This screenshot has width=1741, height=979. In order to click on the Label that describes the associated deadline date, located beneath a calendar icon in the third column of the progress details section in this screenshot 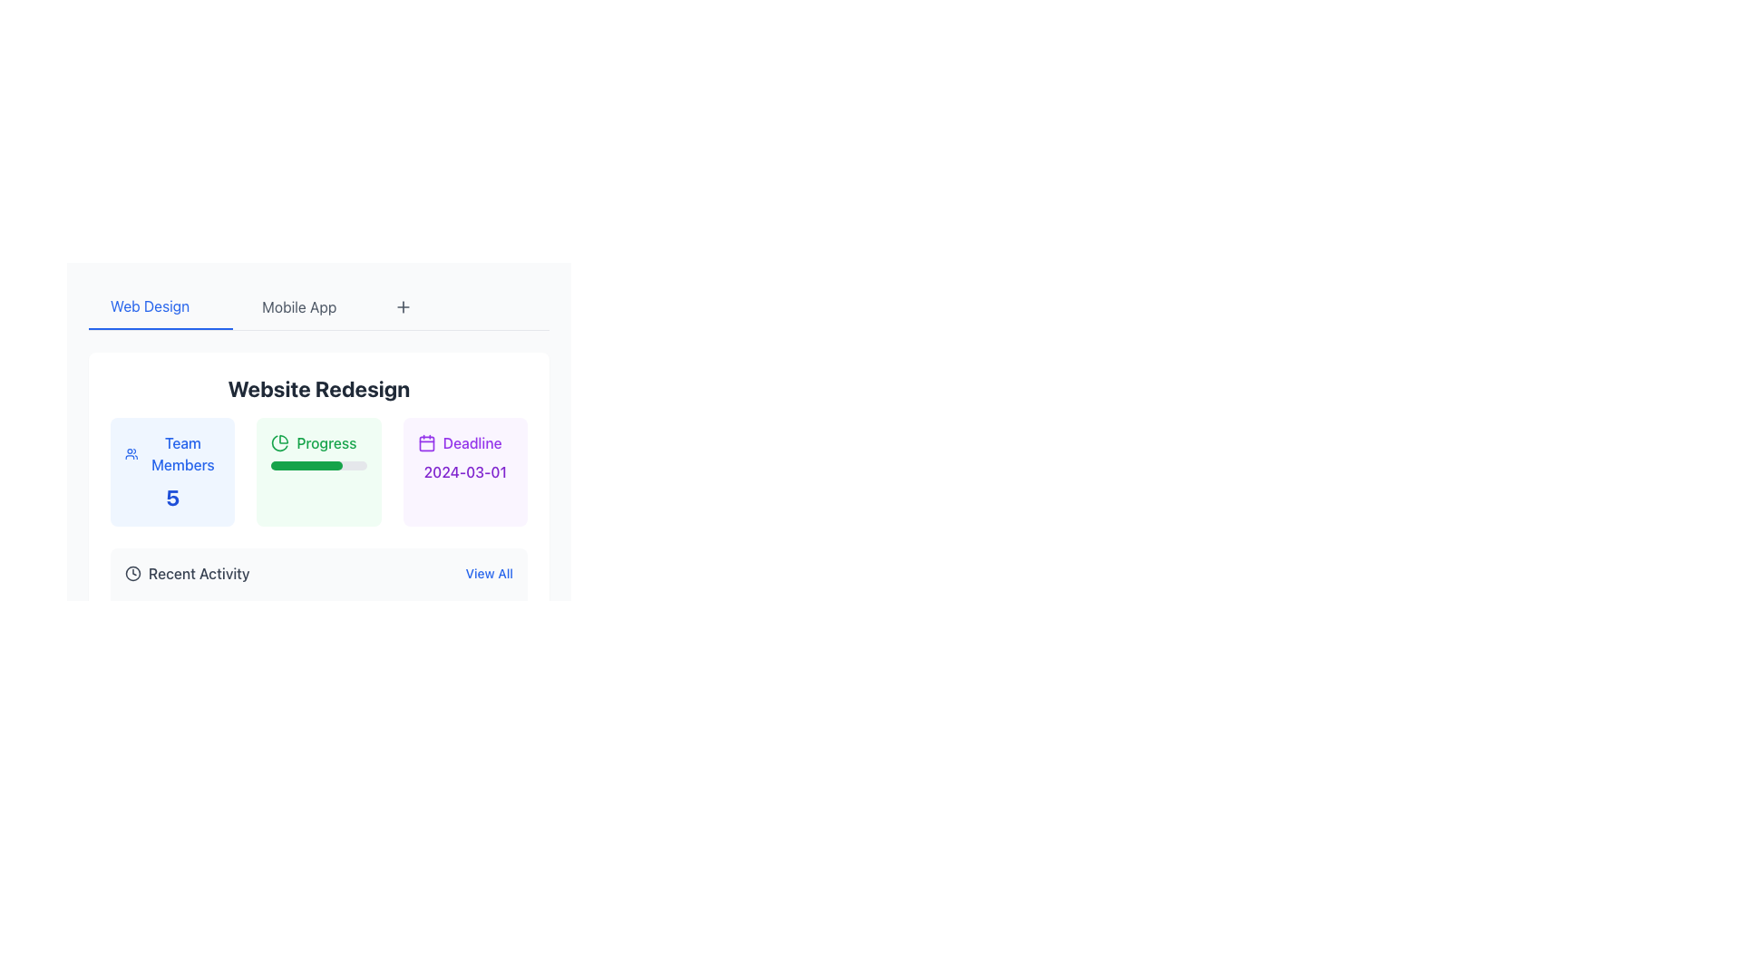, I will do `click(472, 443)`.